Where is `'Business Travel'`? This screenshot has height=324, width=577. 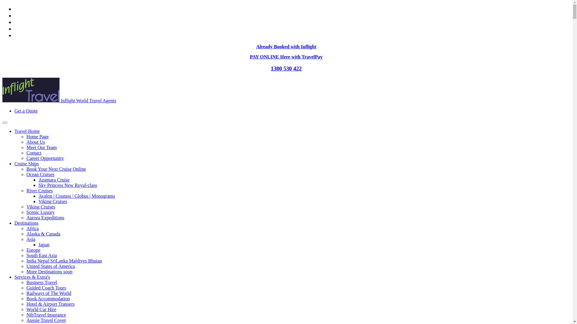
'Business Travel' is located at coordinates (41, 282).